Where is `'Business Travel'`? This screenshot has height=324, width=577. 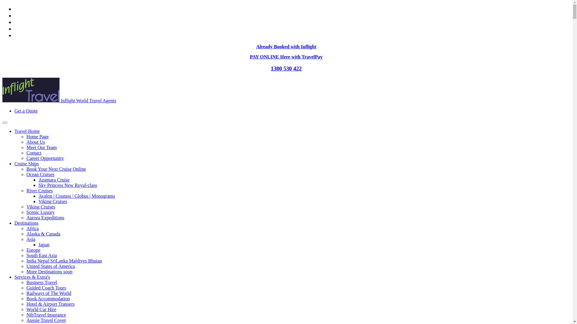
'Business Travel' is located at coordinates (41, 282).